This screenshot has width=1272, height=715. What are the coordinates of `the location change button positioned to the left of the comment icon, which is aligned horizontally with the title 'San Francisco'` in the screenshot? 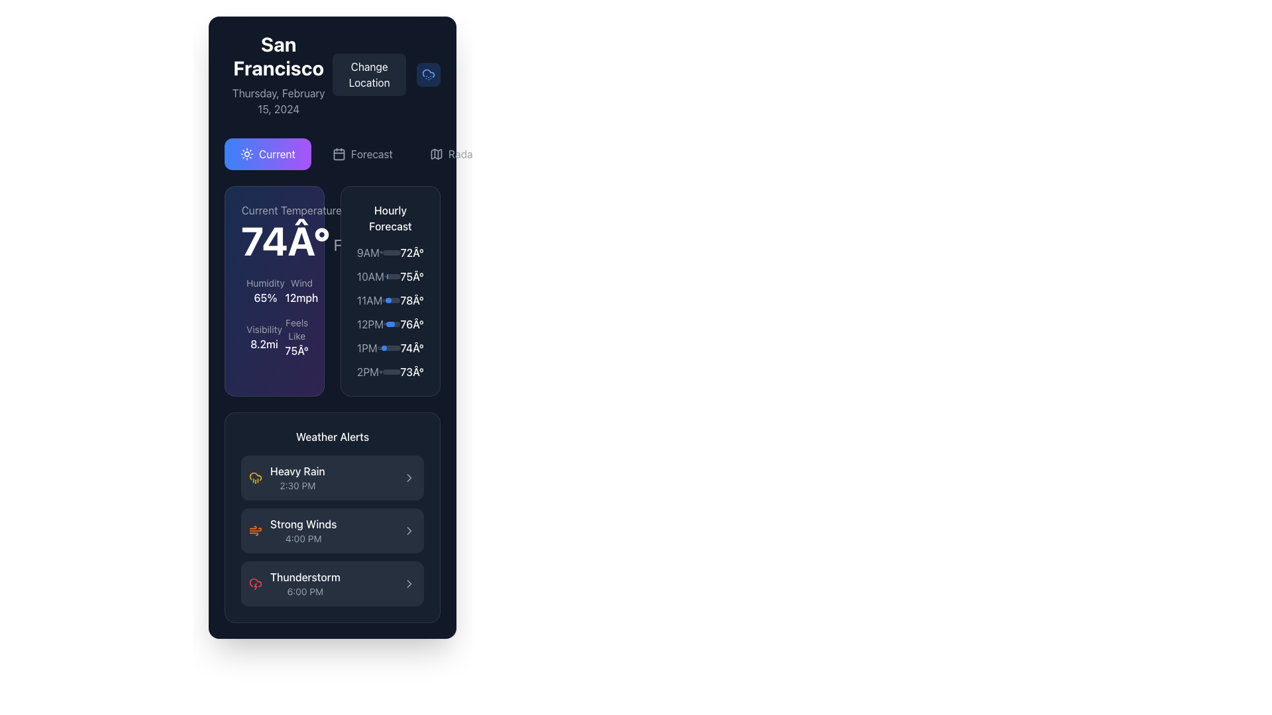 It's located at (369, 74).